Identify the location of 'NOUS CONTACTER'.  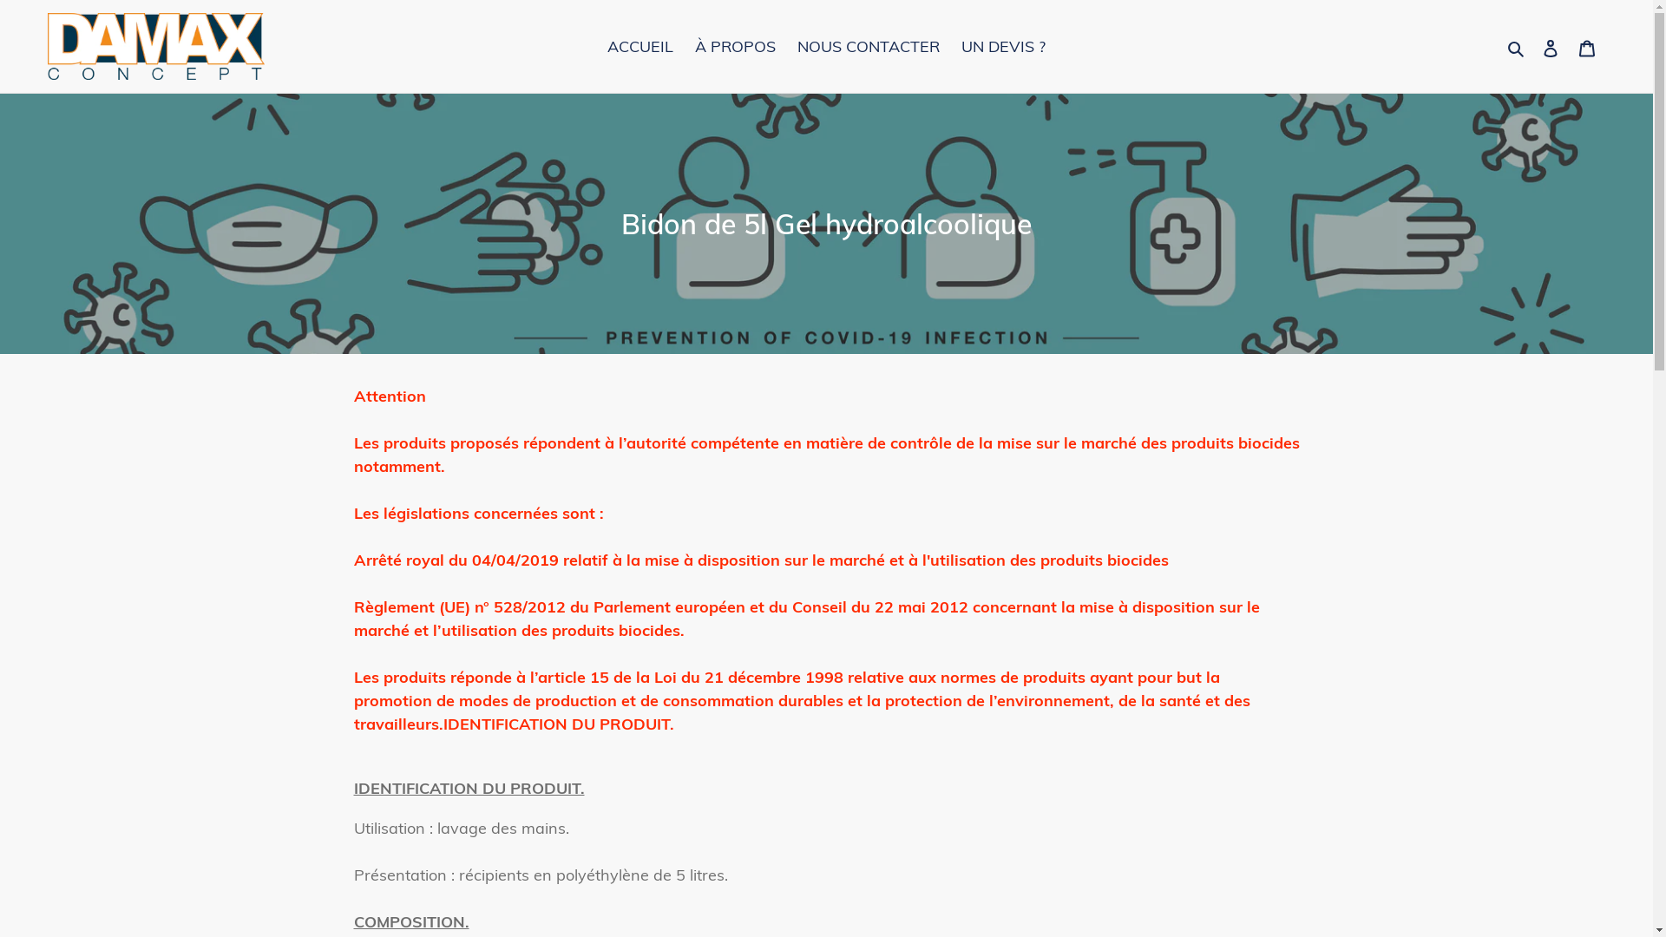
(869, 45).